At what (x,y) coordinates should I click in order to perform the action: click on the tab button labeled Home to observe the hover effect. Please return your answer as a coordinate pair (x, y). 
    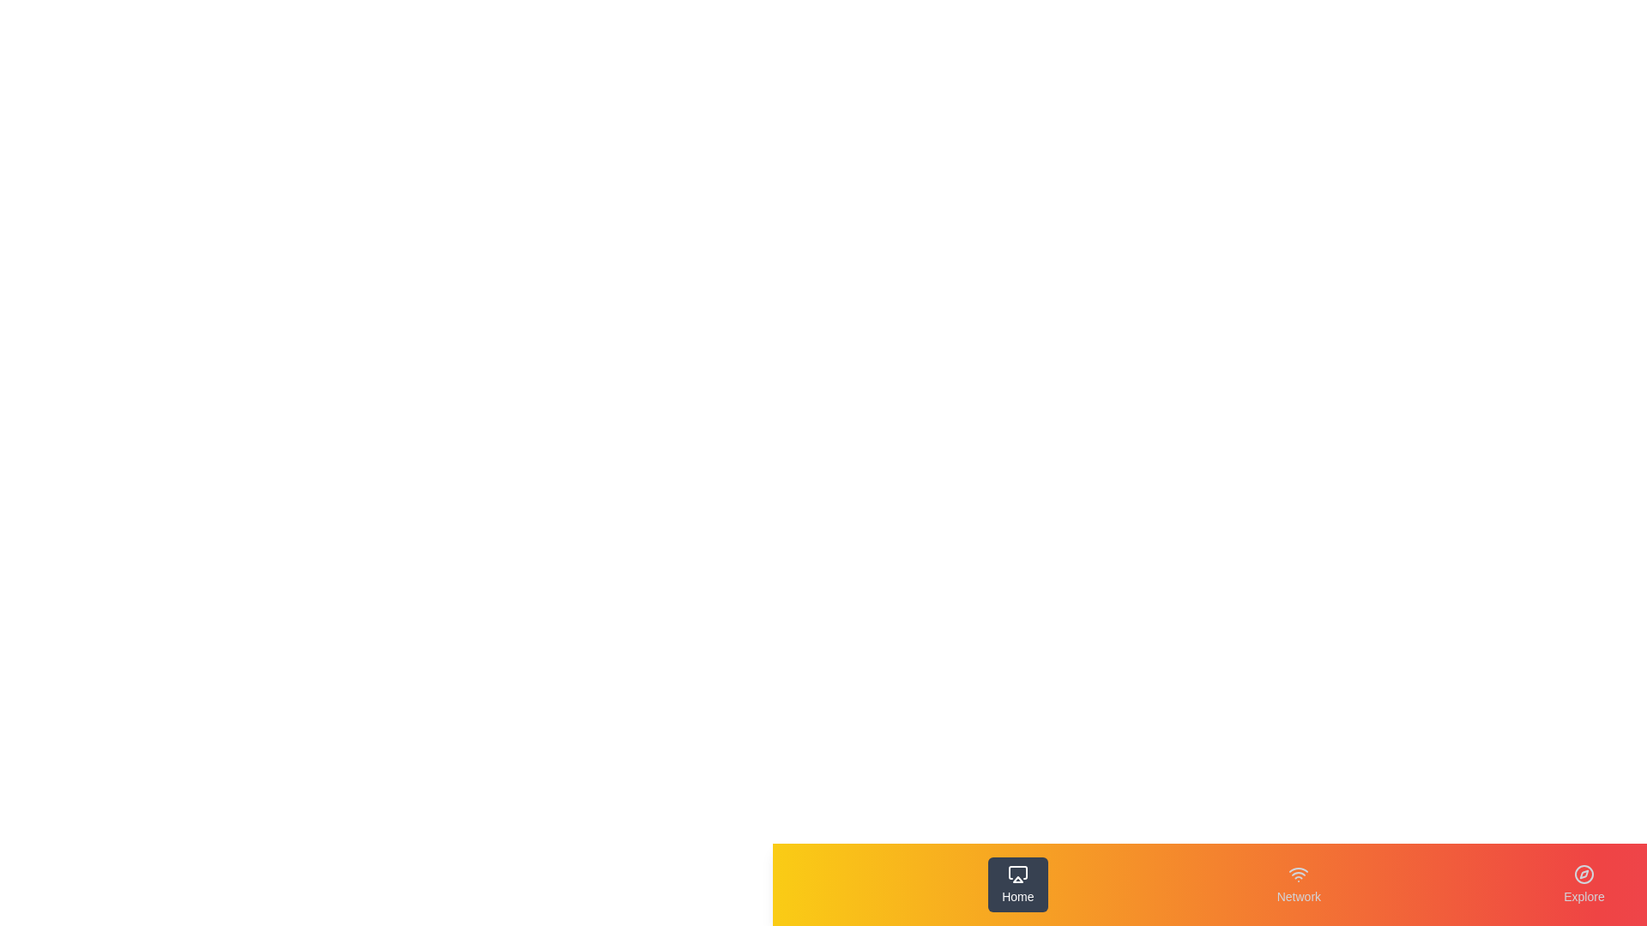
    Looking at the image, I should click on (1017, 885).